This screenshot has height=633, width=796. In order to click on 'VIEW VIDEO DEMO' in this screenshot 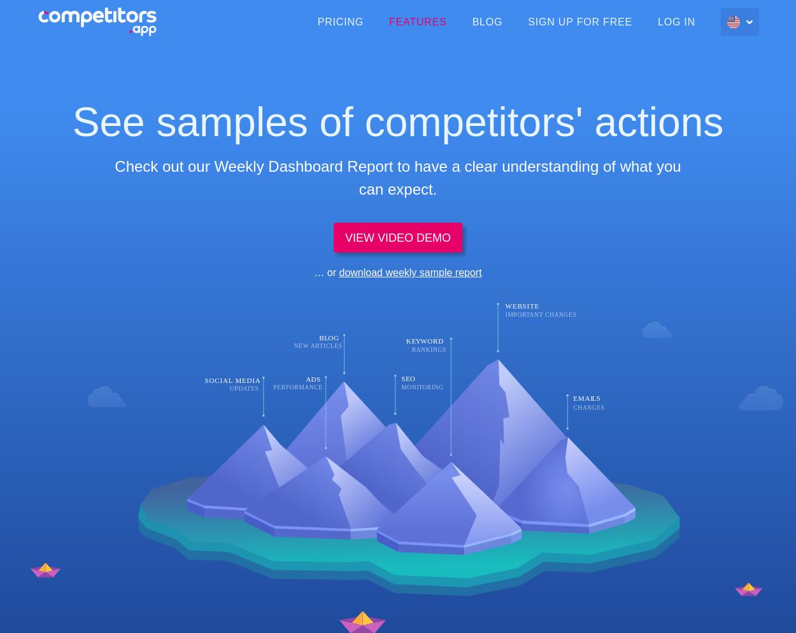, I will do `click(397, 237)`.